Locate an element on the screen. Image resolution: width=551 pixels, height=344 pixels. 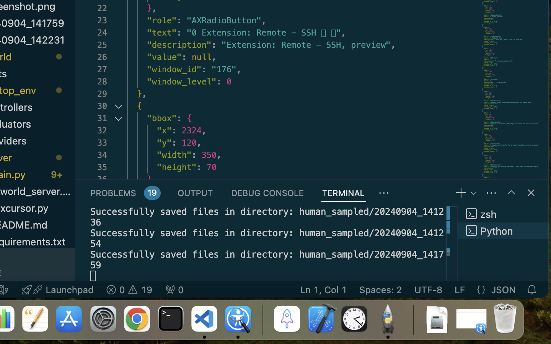
'' is located at coordinates (511, 192).